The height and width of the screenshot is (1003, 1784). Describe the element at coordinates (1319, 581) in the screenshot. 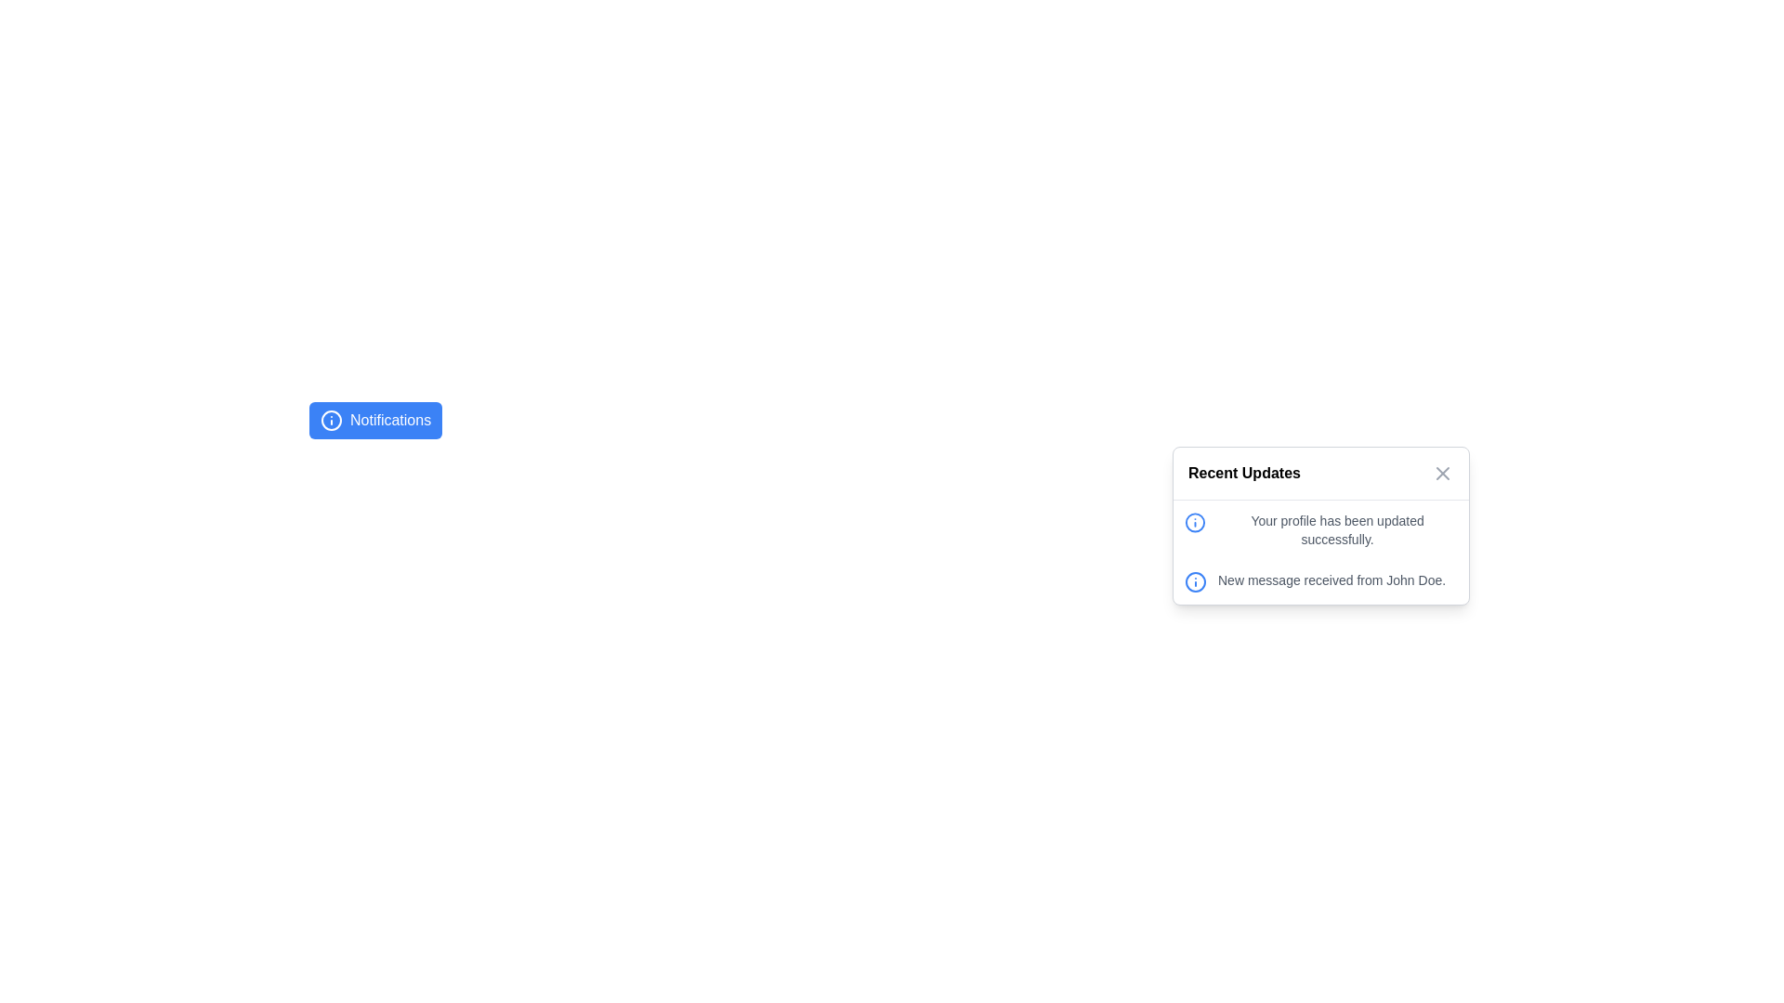

I see `the notification item displaying the message 'New message received from John Doe.' which includes a blue information icon, located under the header 'Recent Updates'` at that location.